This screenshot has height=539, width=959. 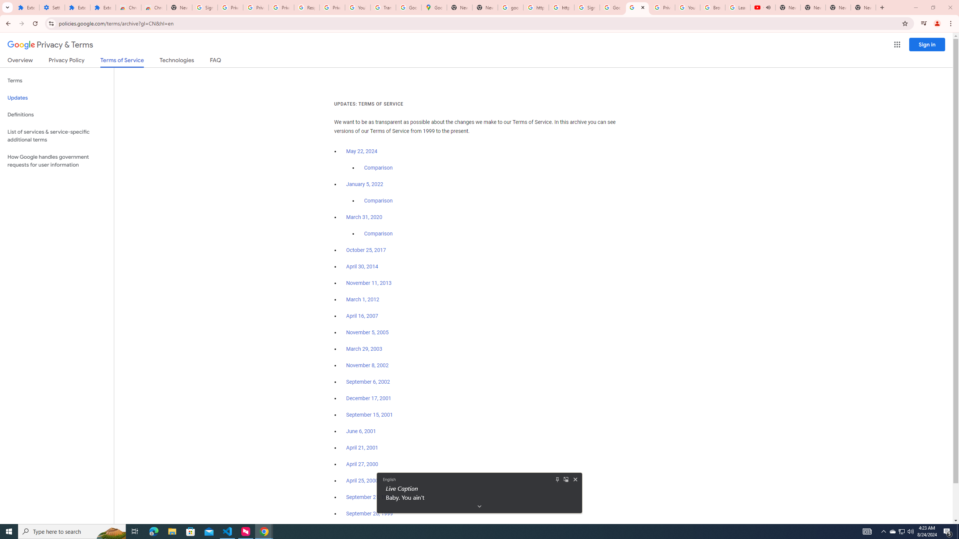 I want to click on 'Type here to search', so click(x=72, y=531).